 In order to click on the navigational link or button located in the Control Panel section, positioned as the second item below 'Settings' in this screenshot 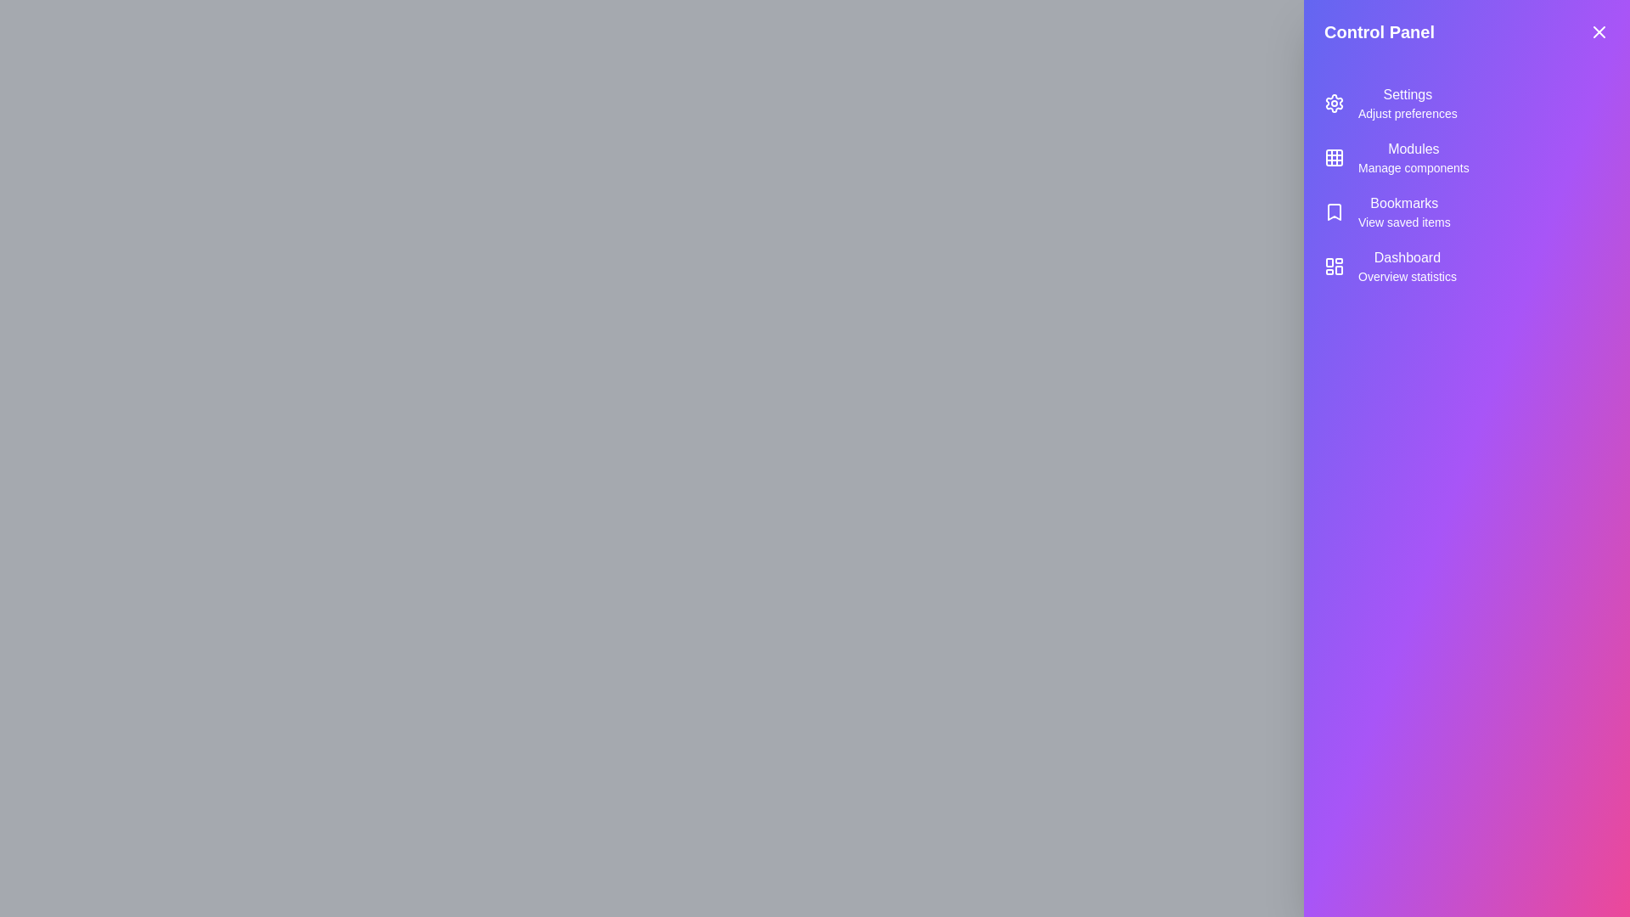, I will do `click(1414, 157)`.